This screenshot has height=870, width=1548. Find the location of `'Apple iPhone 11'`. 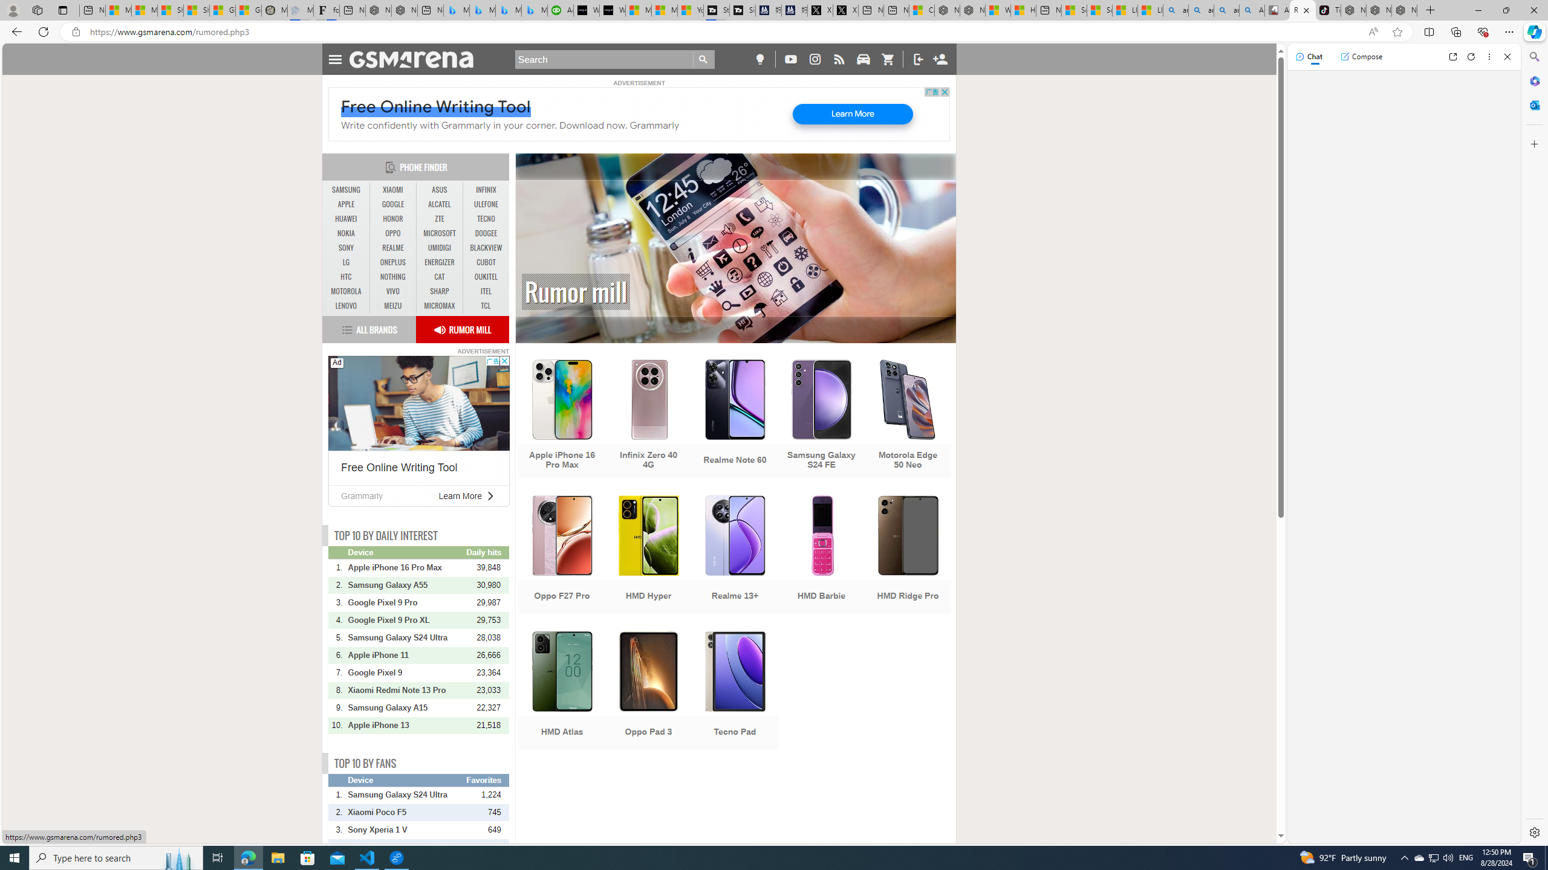

'Apple iPhone 11' is located at coordinates (406, 655).